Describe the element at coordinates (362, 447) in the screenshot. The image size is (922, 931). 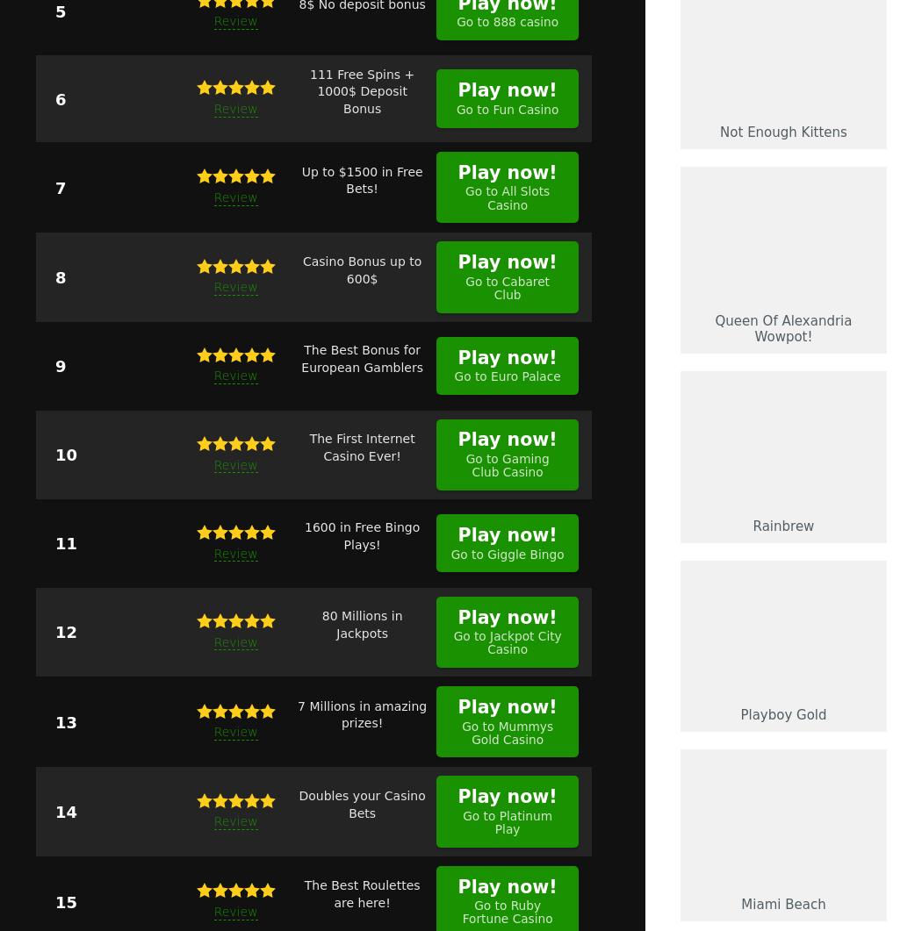
I see `'The First Internet Casino Ever!'` at that location.